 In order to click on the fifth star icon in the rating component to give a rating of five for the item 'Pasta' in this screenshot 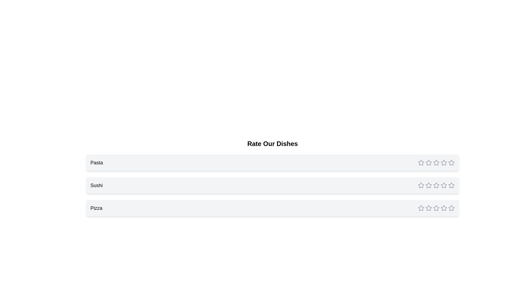, I will do `click(451, 162)`.